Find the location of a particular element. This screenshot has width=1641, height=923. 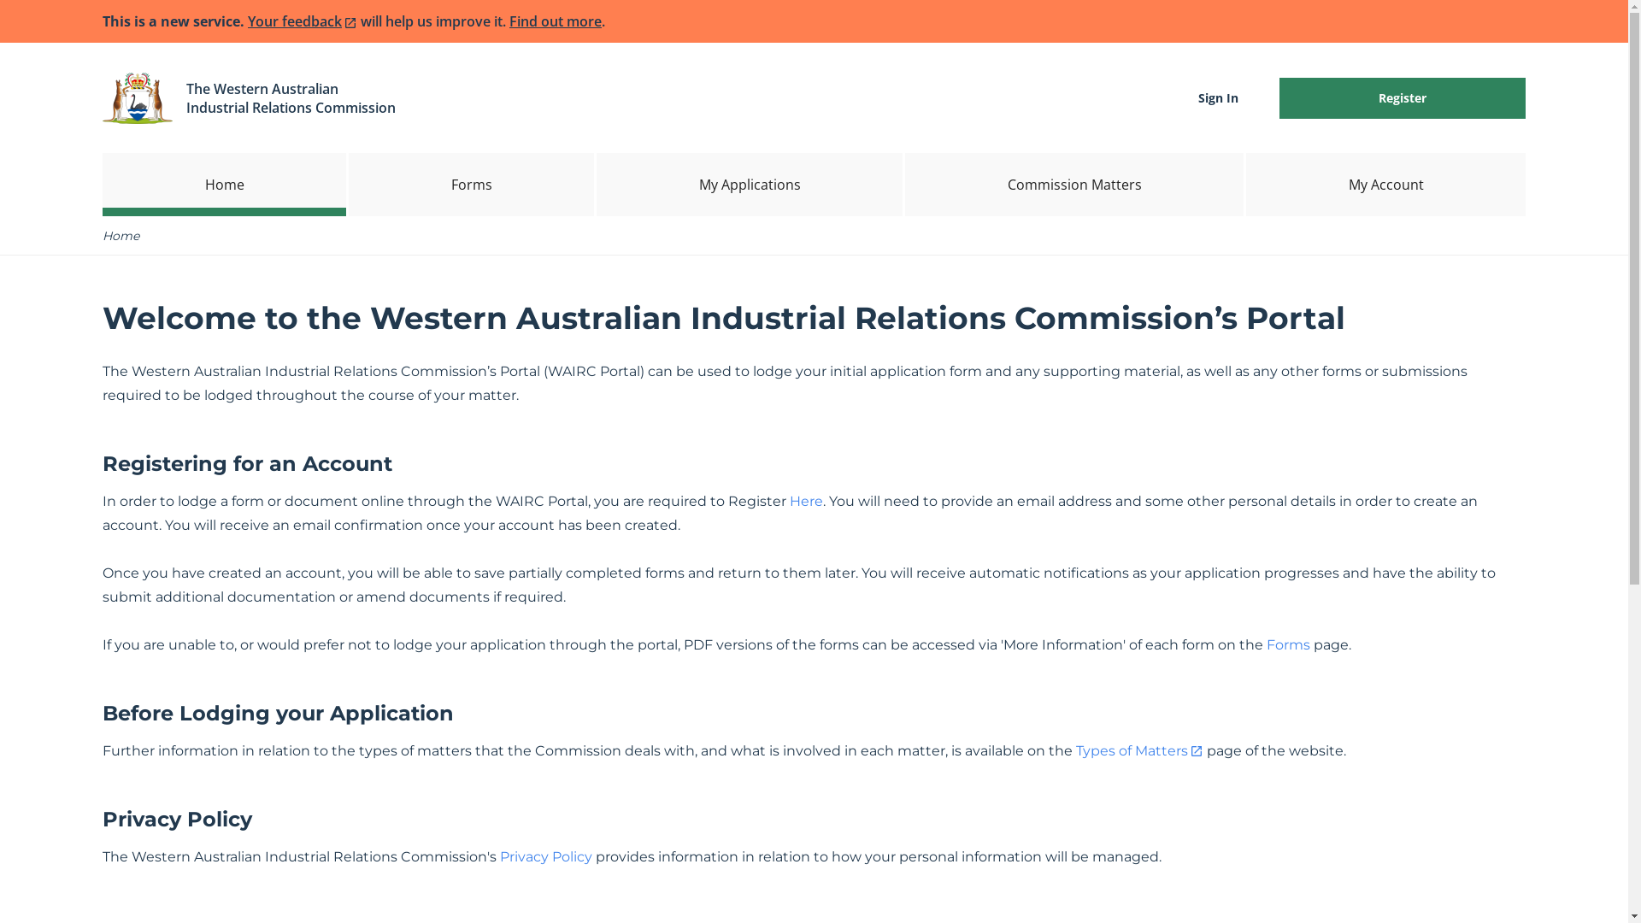

'Privacy Policy' is located at coordinates (544, 856).